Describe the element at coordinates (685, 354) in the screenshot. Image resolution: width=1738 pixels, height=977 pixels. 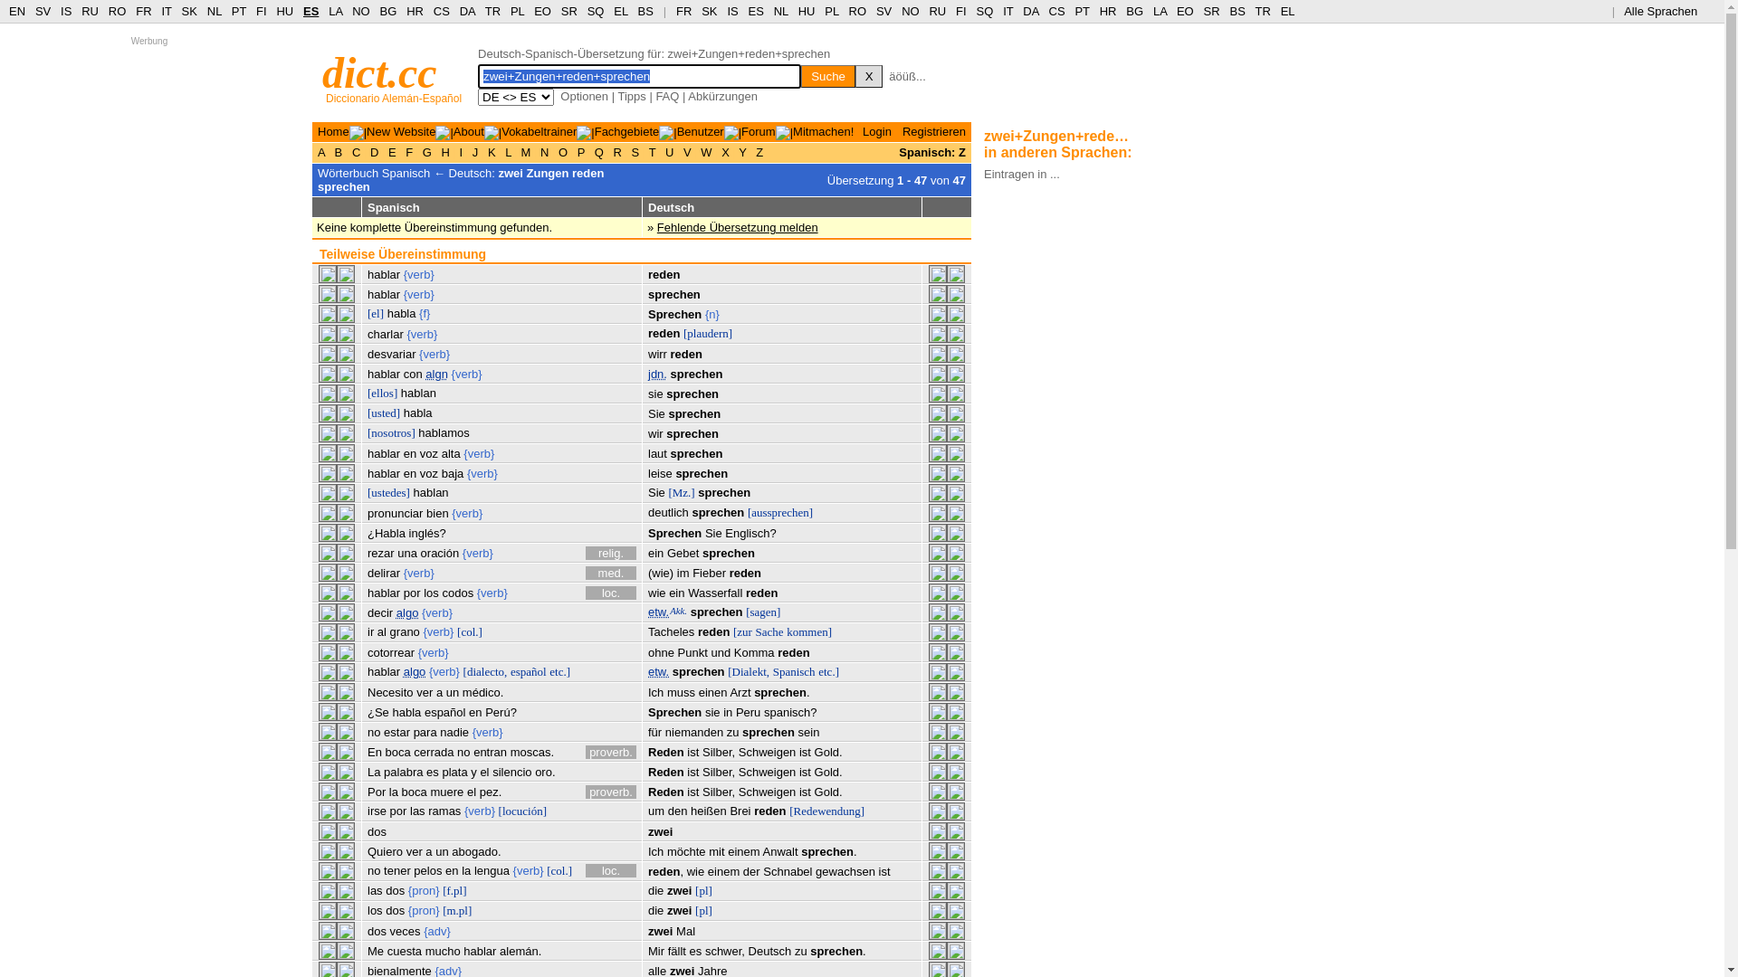
I see `'reden'` at that location.